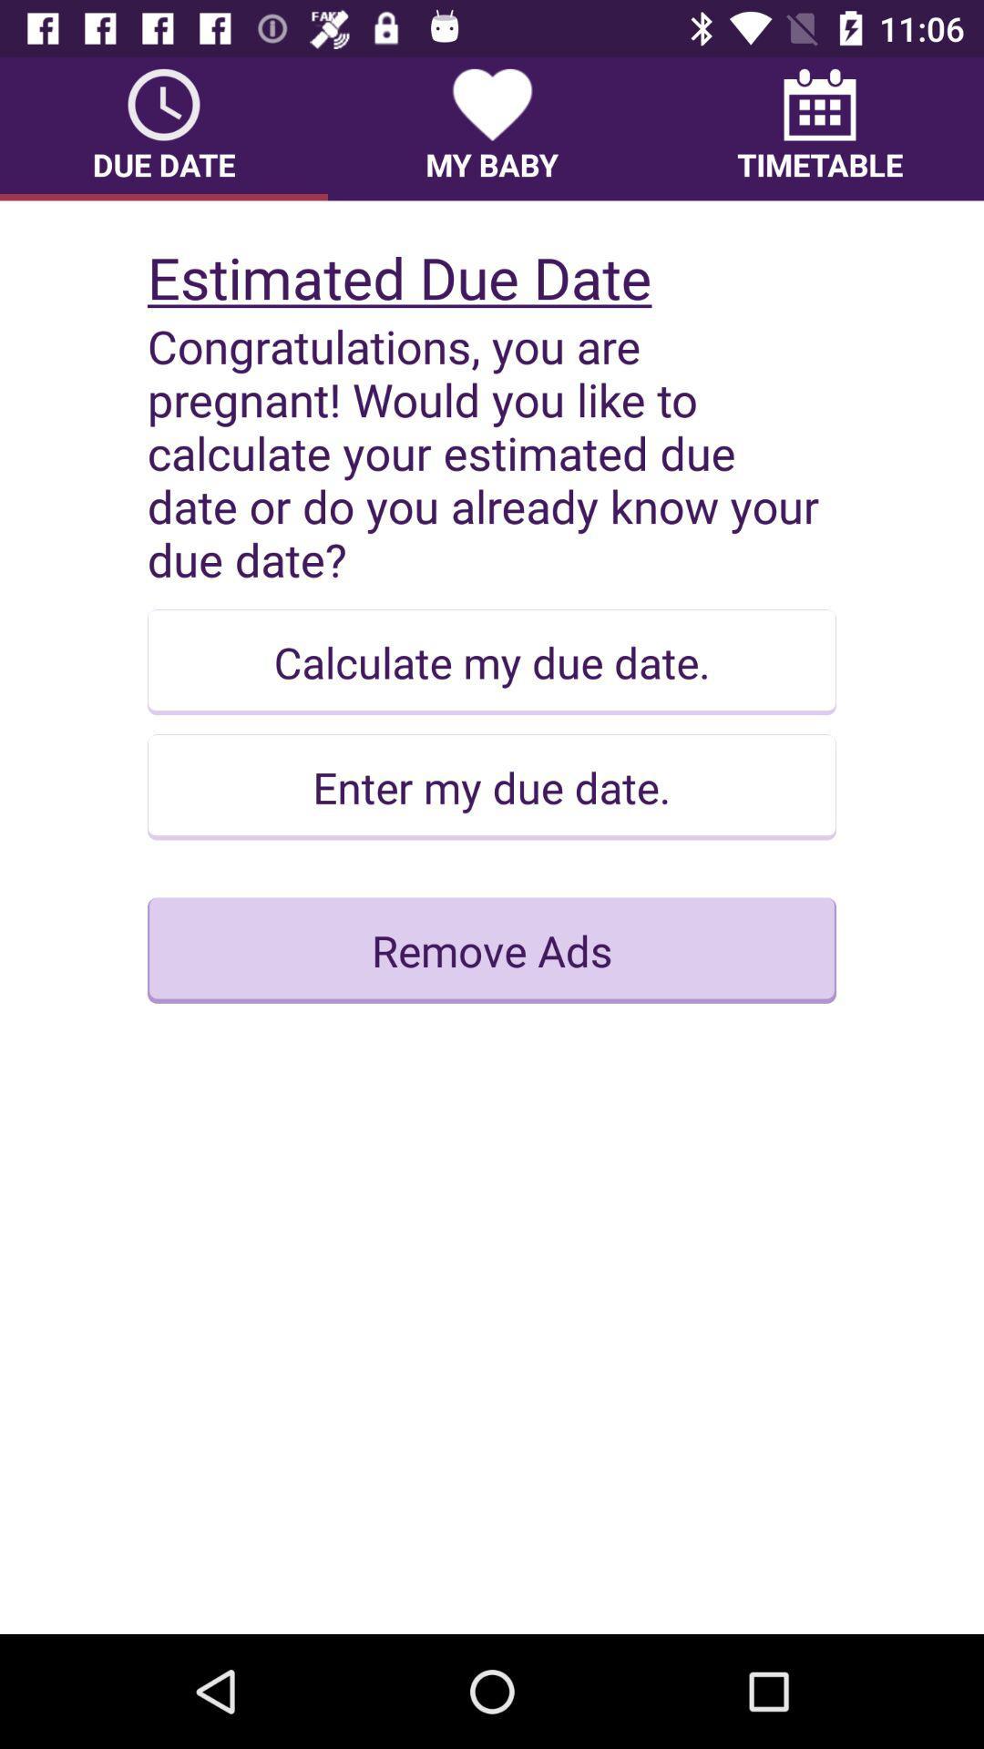  What do you see at coordinates (818, 128) in the screenshot?
I see `the icon above the estimated due date` at bounding box center [818, 128].